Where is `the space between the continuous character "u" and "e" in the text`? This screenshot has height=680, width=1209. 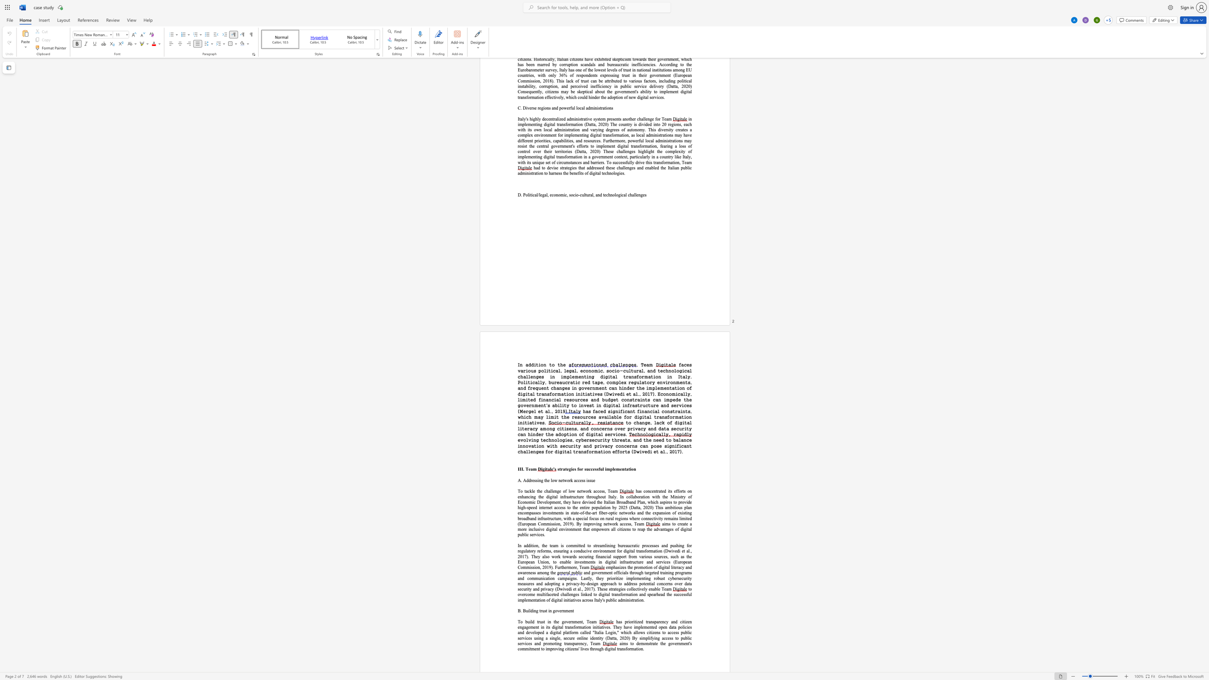 the space between the continuous character "u" and "e" in the text is located at coordinates (593, 480).